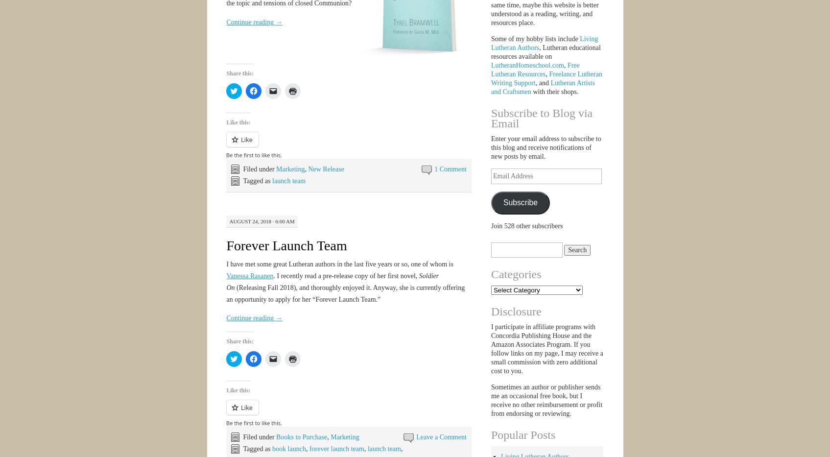  I want to click on 'book launch', so click(288, 448).